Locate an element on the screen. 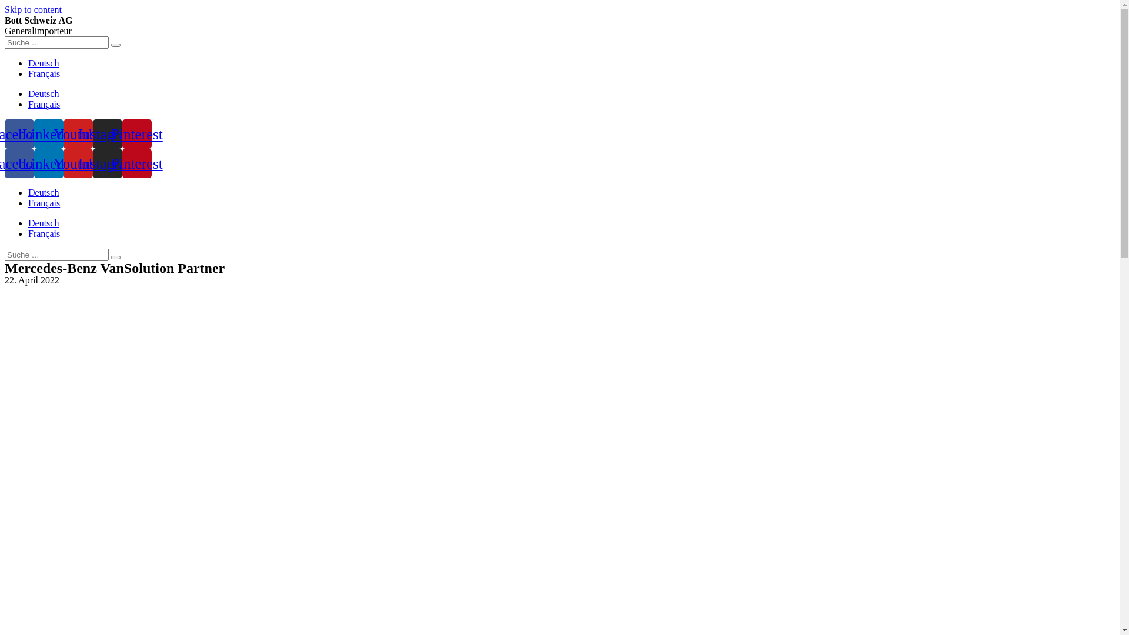 The image size is (1129, 635). 'Deutsch' is located at coordinates (43, 192).